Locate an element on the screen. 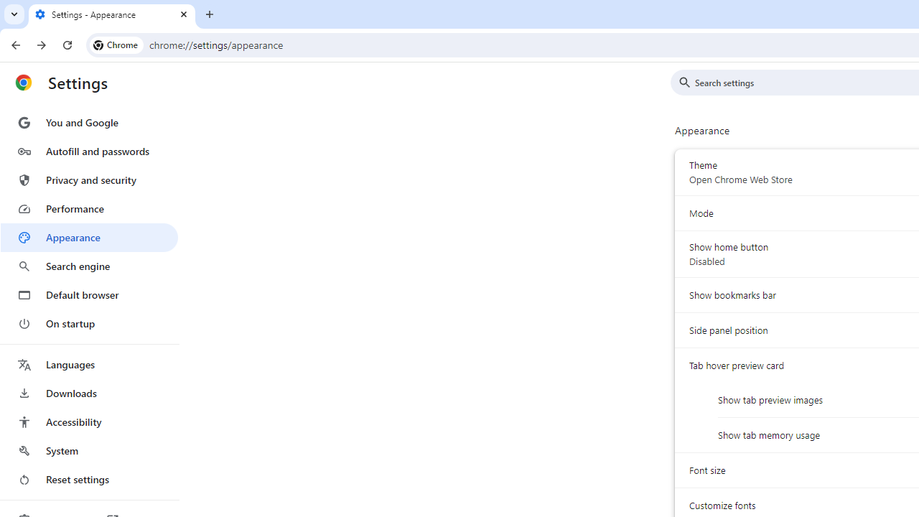  'Autofill and passwords' is located at coordinates (88, 151).